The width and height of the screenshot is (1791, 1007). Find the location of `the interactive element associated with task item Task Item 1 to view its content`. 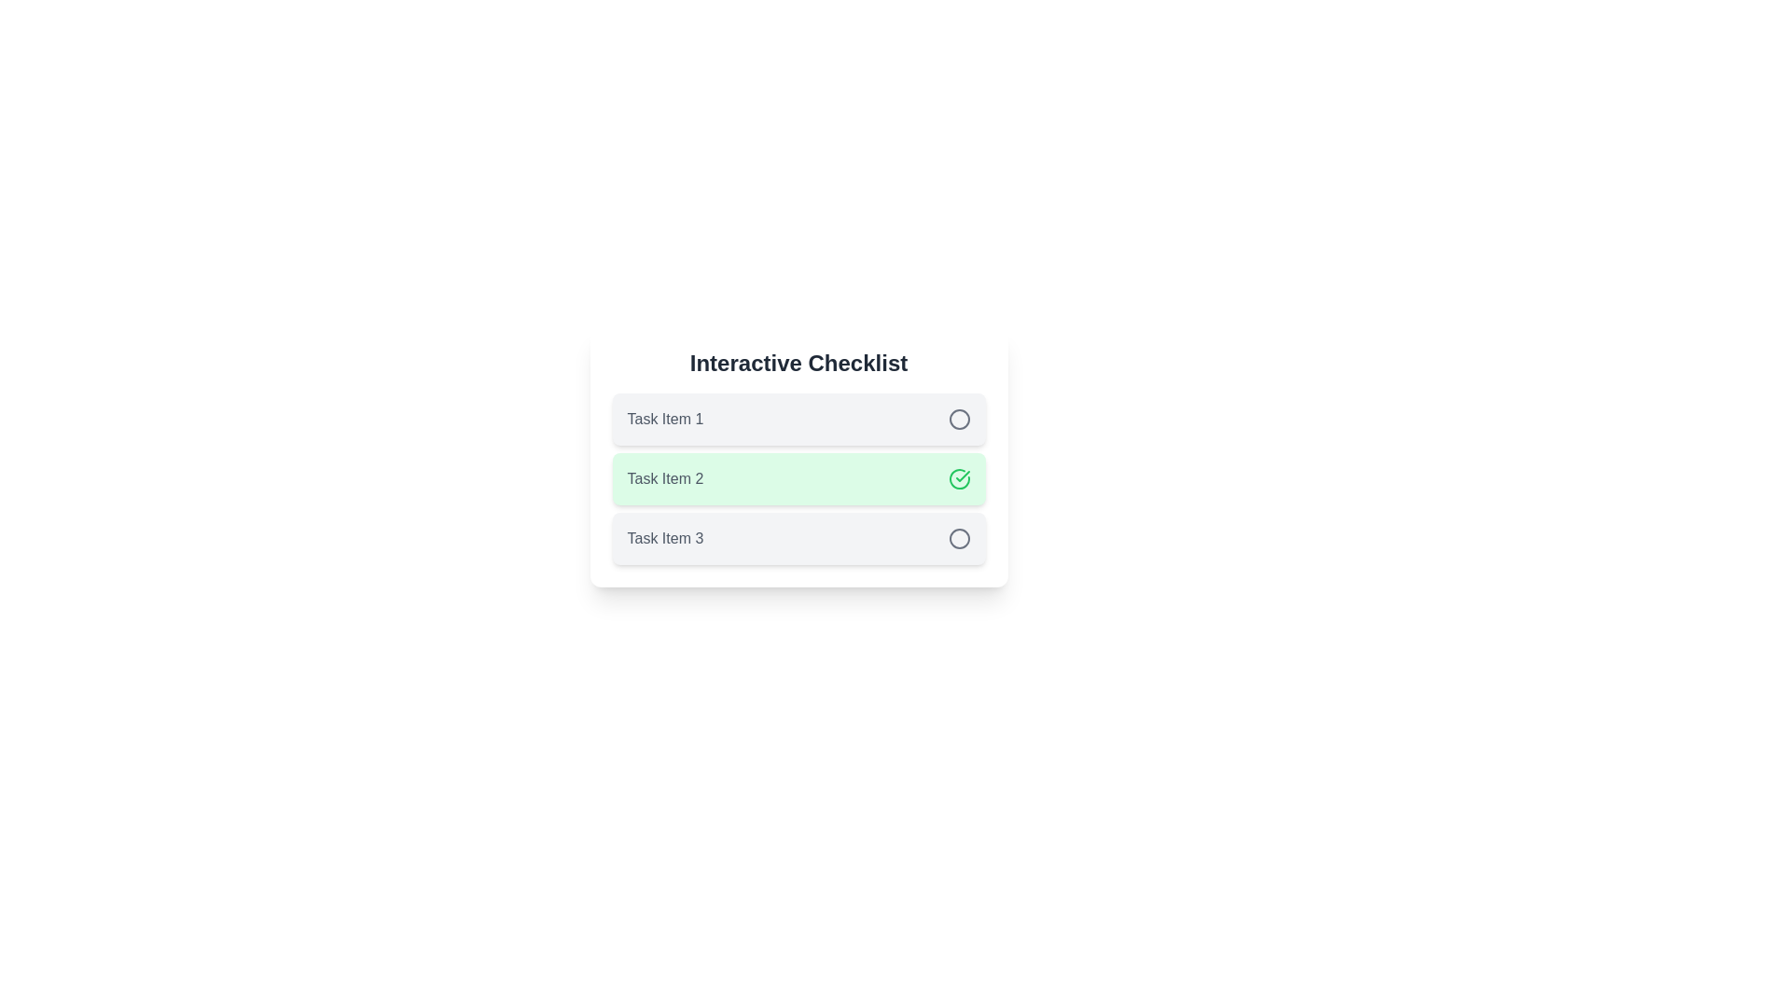

the interactive element associated with task item Task Item 1 to view its content is located at coordinates (959, 420).